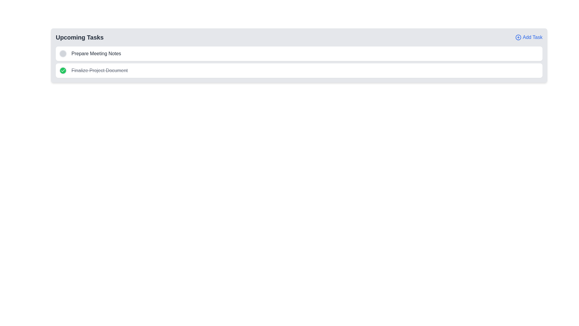  I want to click on the text 'Finalize Project Document' for interaction, so click(100, 70).